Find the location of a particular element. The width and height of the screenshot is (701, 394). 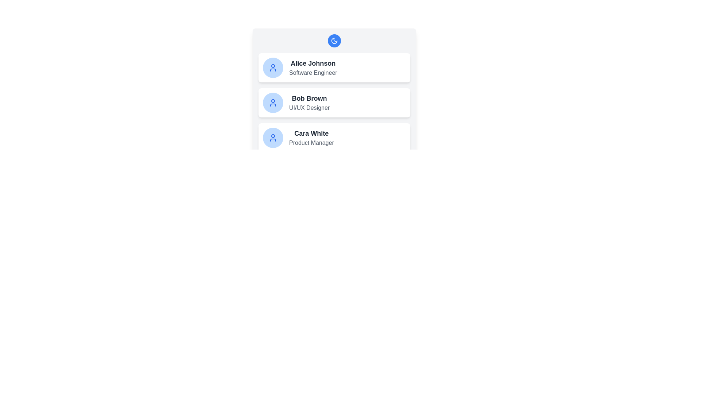

the dark mode toggle icon located at the top-central part of the interface is located at coordinates (334, 40).